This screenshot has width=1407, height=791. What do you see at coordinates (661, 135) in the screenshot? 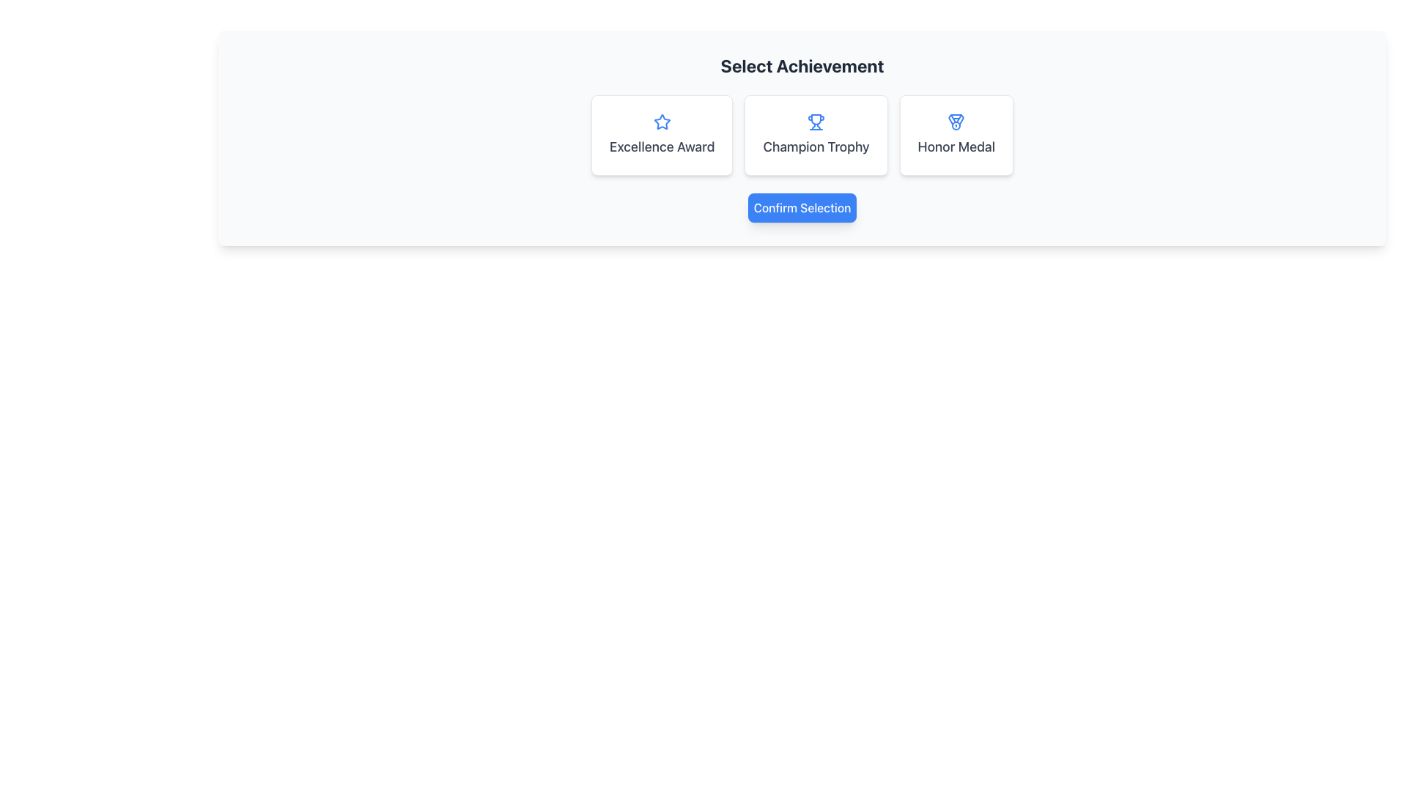
I see `the 'Excellence Award' selectable card` at bounding box center [661, 135].